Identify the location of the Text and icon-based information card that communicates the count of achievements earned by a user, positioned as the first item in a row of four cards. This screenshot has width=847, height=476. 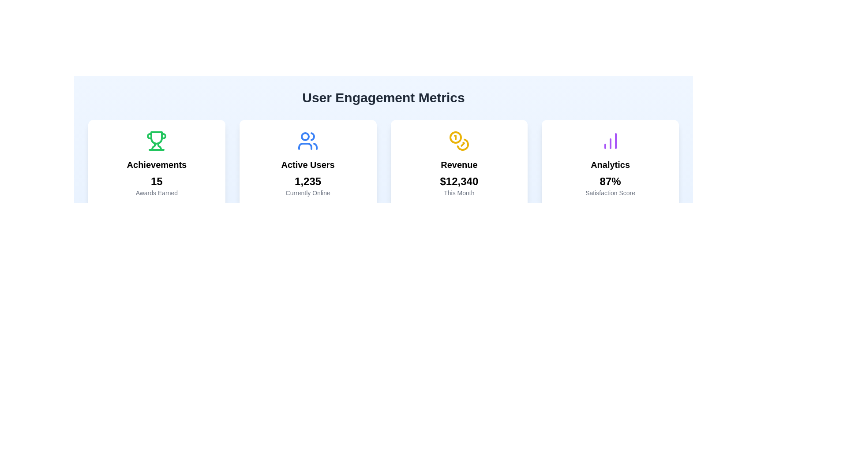
(157, 164).